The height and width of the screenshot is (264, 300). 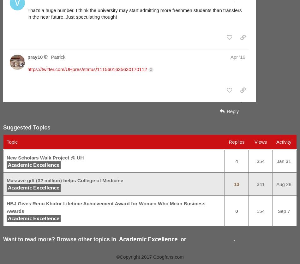 I want to click on '341', so click(x=260, y=183).